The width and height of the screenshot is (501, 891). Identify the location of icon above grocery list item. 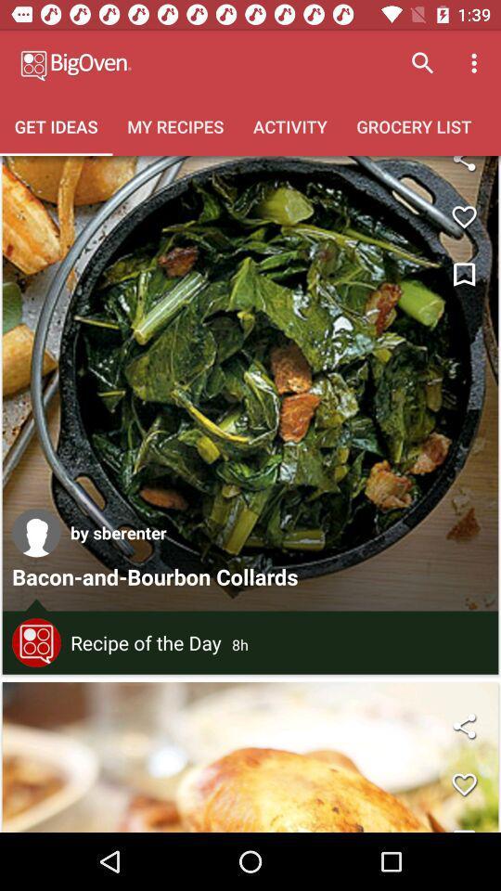
(422, 63).